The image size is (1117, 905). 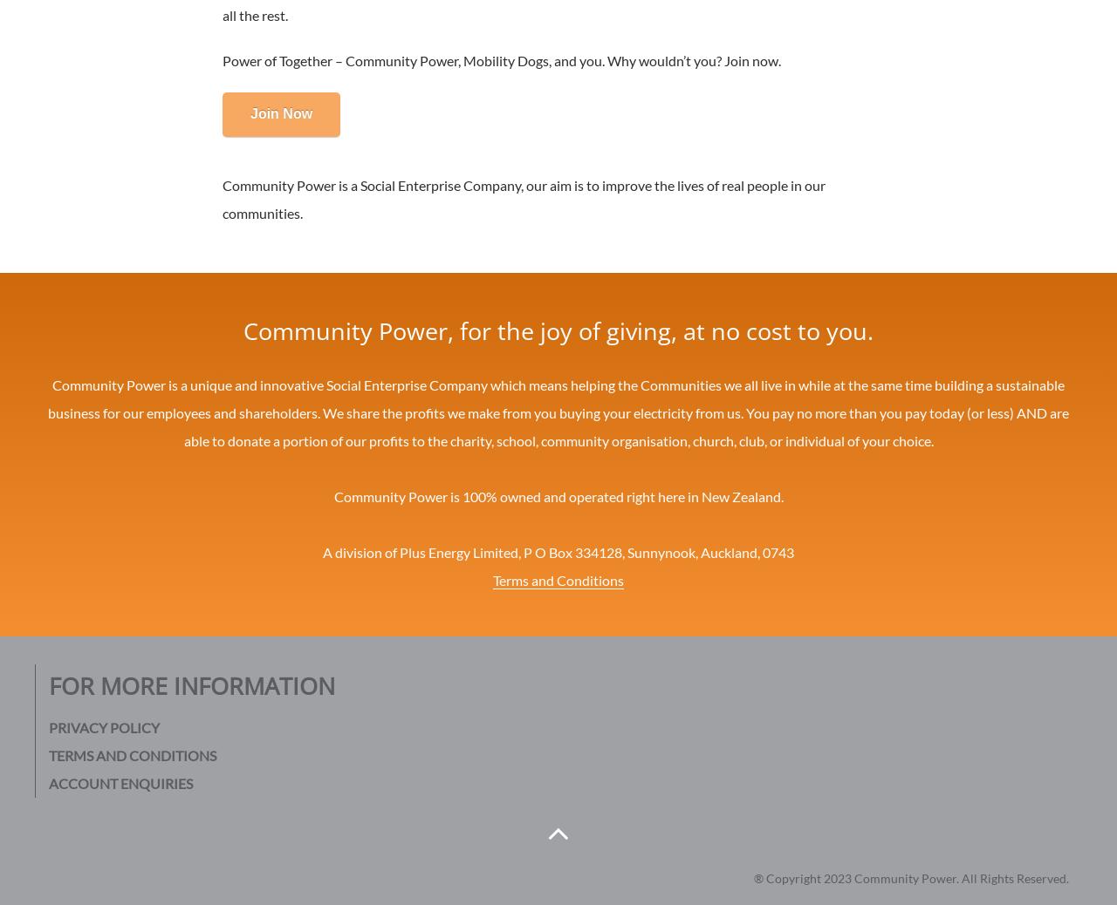 I want to click on '® Copyright 2023 Community Power. All Rights Reserved.', so click(x=910, y=877).